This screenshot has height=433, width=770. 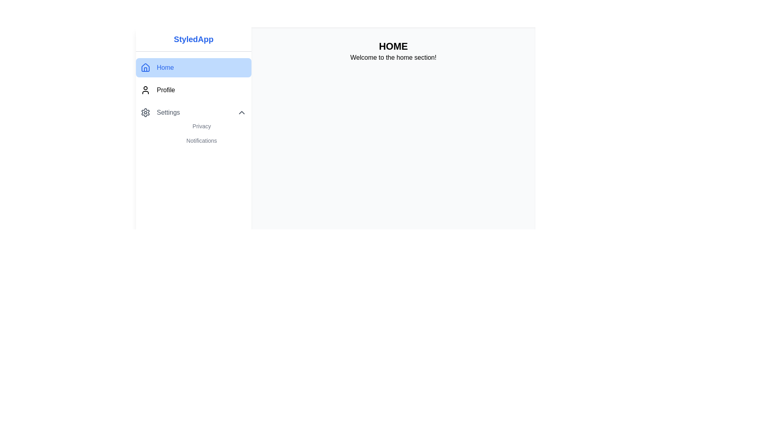 What do you see at coordinates (165, 90) in the screenshot?
I see `the 'Profile' text label in the navigation menu` at bounding box center [165, 90].